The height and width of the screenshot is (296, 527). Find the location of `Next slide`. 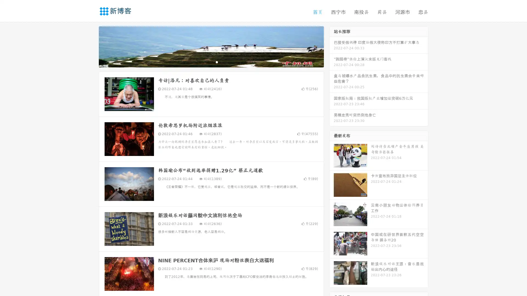

Next slide is located at coordinates (332, 46).